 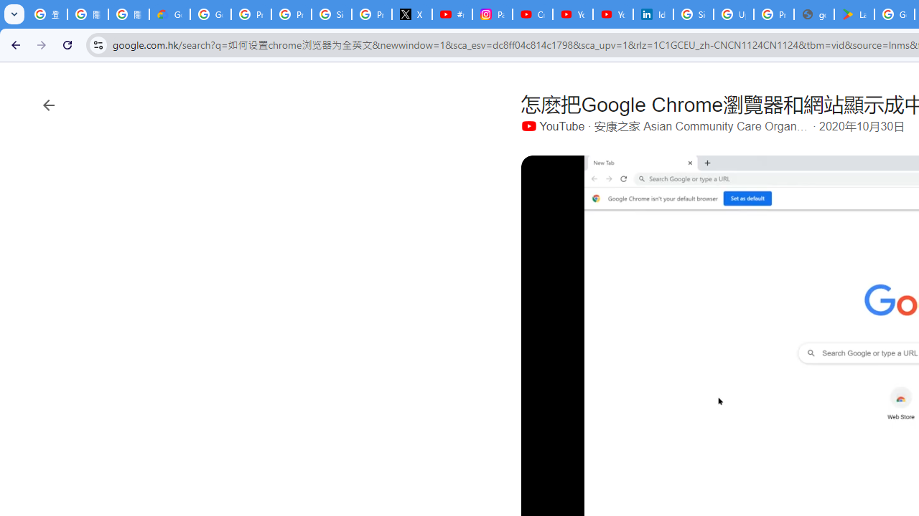 I want to click on 'Privacy Help Center - Policies Help', so click(x=290, y=14).